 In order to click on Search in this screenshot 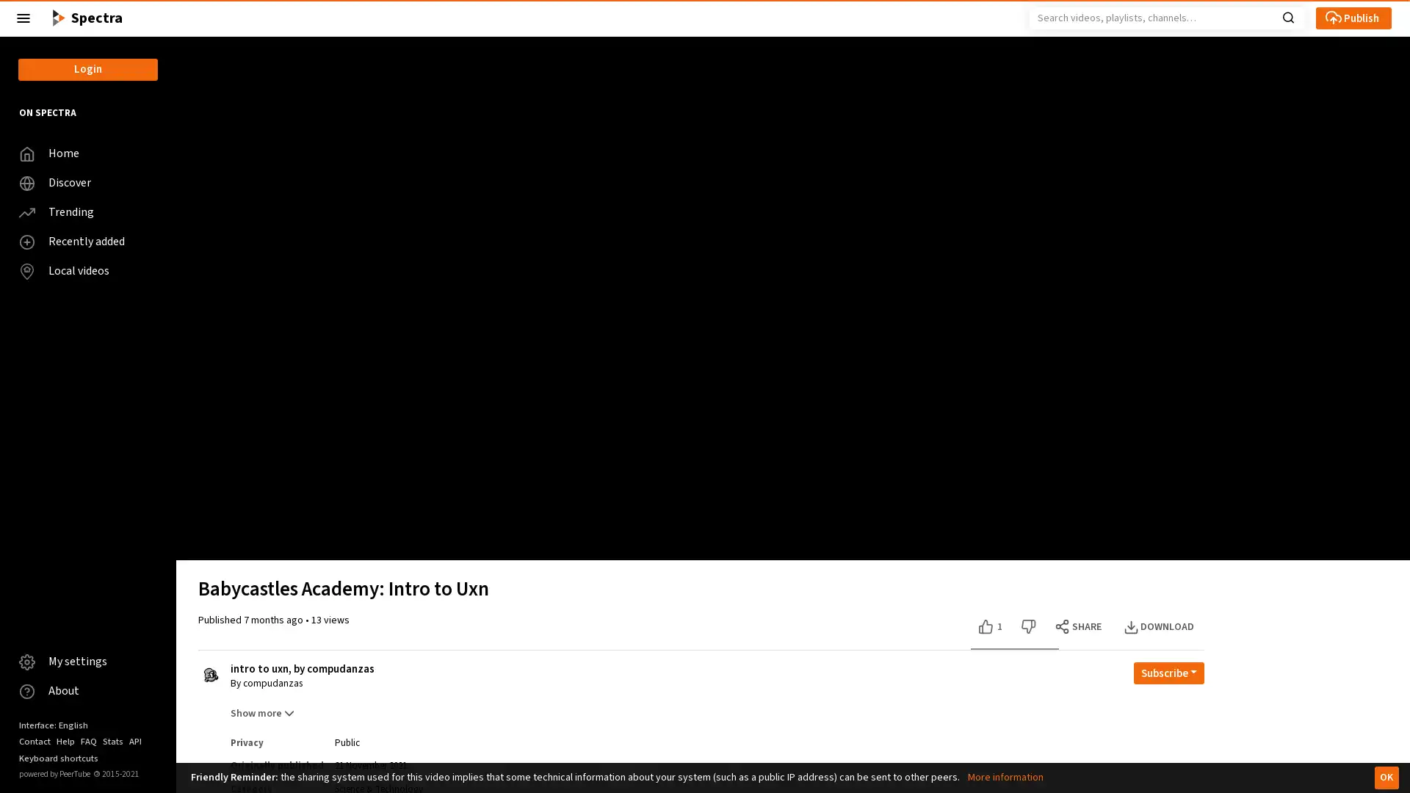, I will do `click(1287, 16)`.